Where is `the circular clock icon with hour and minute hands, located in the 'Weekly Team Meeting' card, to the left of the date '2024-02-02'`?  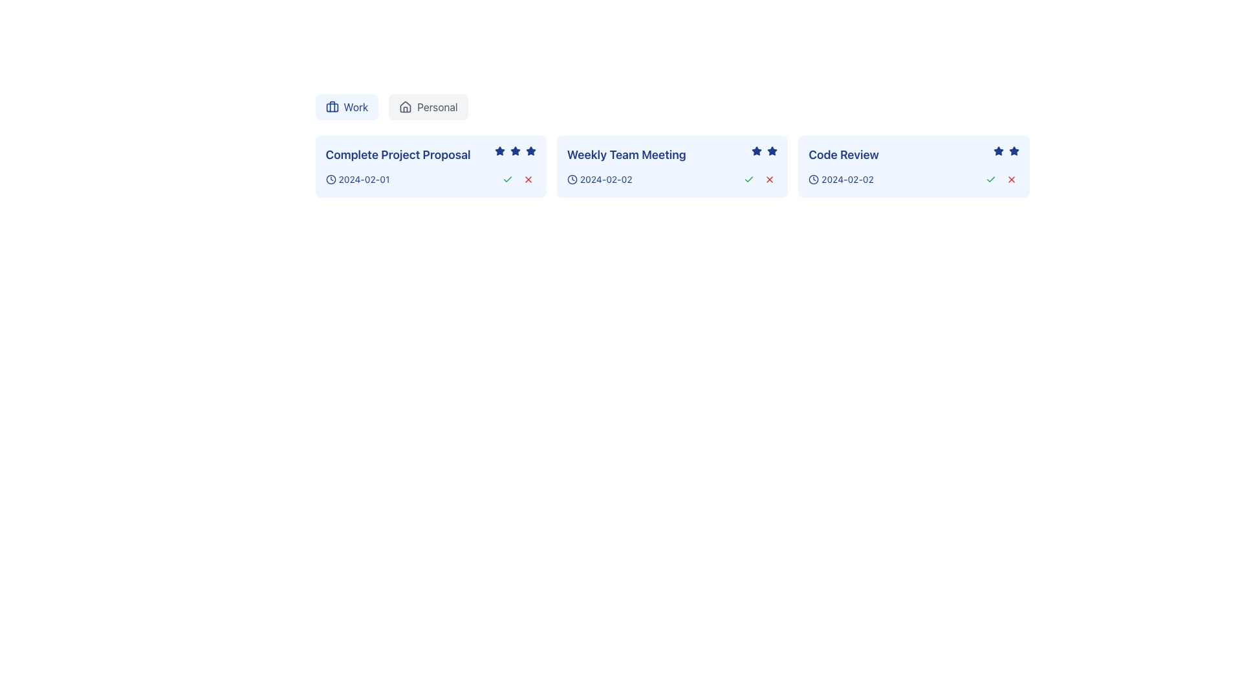
the circular clock icon with hour and minute hands, located in the 'Weekly Team Meeting' card, to the left of the date '2024-02-02' is located at coordinates (571, 179).